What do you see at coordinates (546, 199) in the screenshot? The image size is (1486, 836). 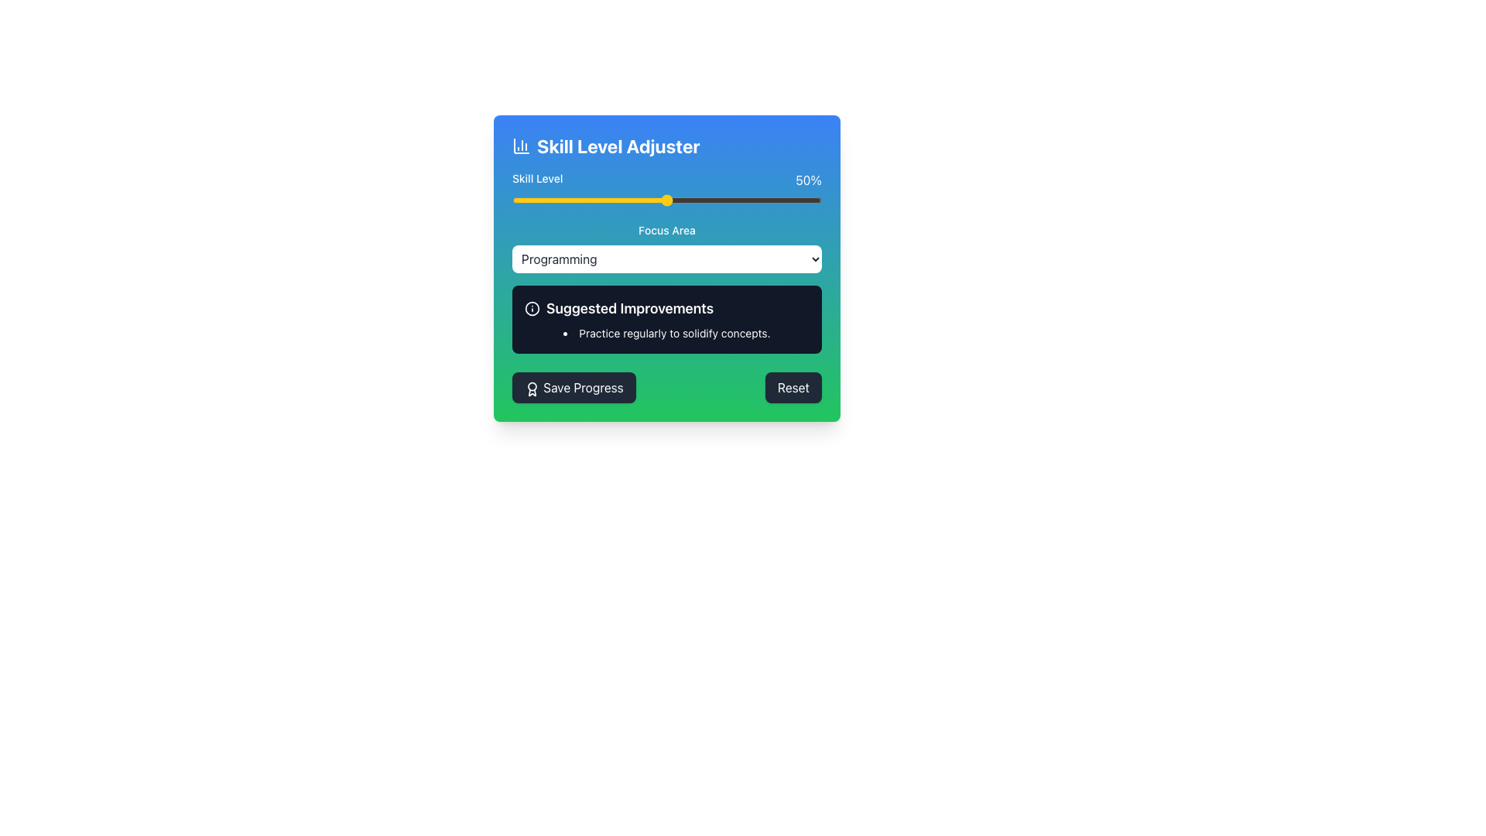 I see `the slider` at bounding box center [546, 199].